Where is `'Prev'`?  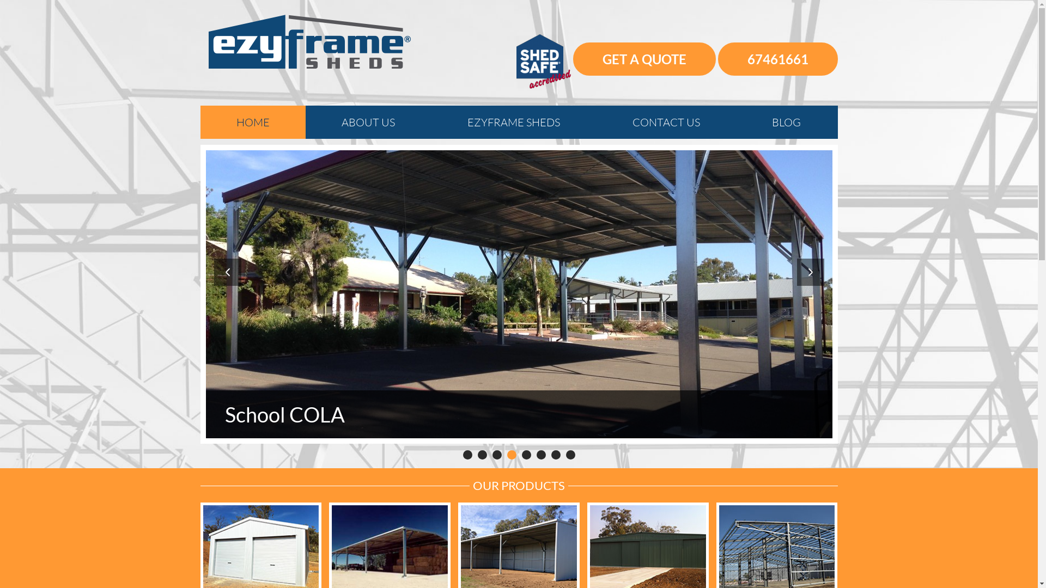 'Prev' is located at coordinates (227, 272).